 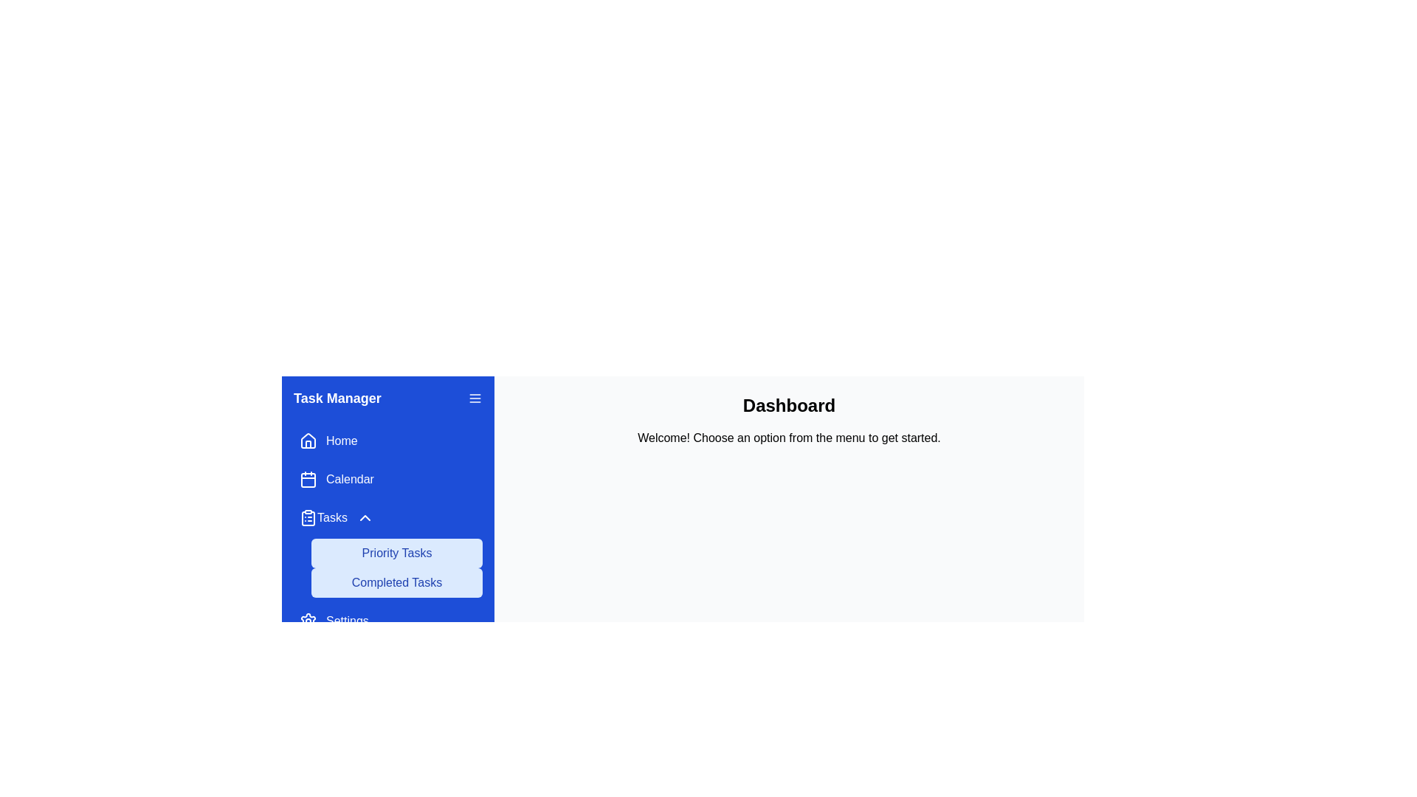 I want to click on the navigation button at the bottom of the vertical list, so click(x=388, y=621).